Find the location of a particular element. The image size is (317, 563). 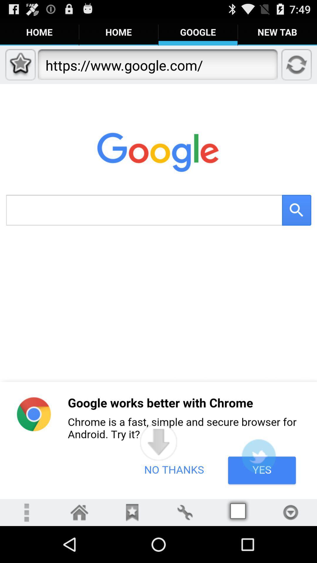

twitter is located at coordinates (258, 456).